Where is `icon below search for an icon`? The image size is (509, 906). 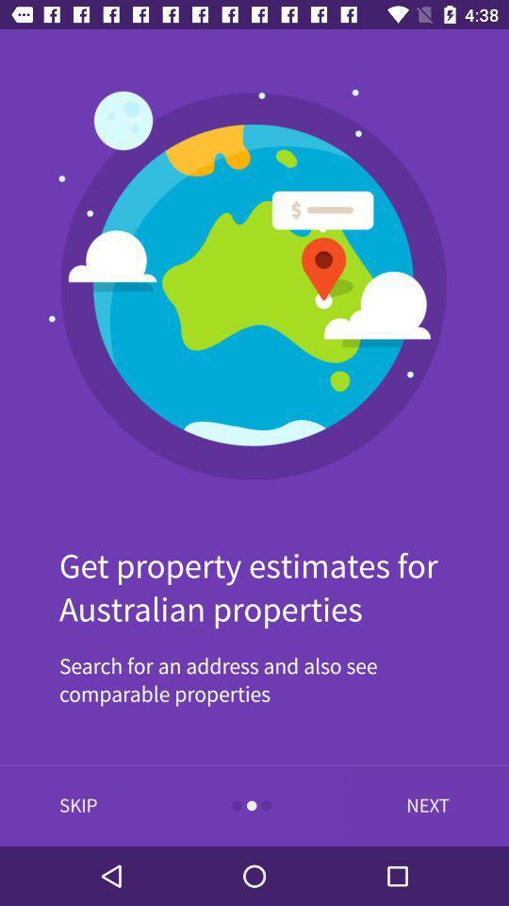
icon below search for an icon is located at coordinates (423, 805).